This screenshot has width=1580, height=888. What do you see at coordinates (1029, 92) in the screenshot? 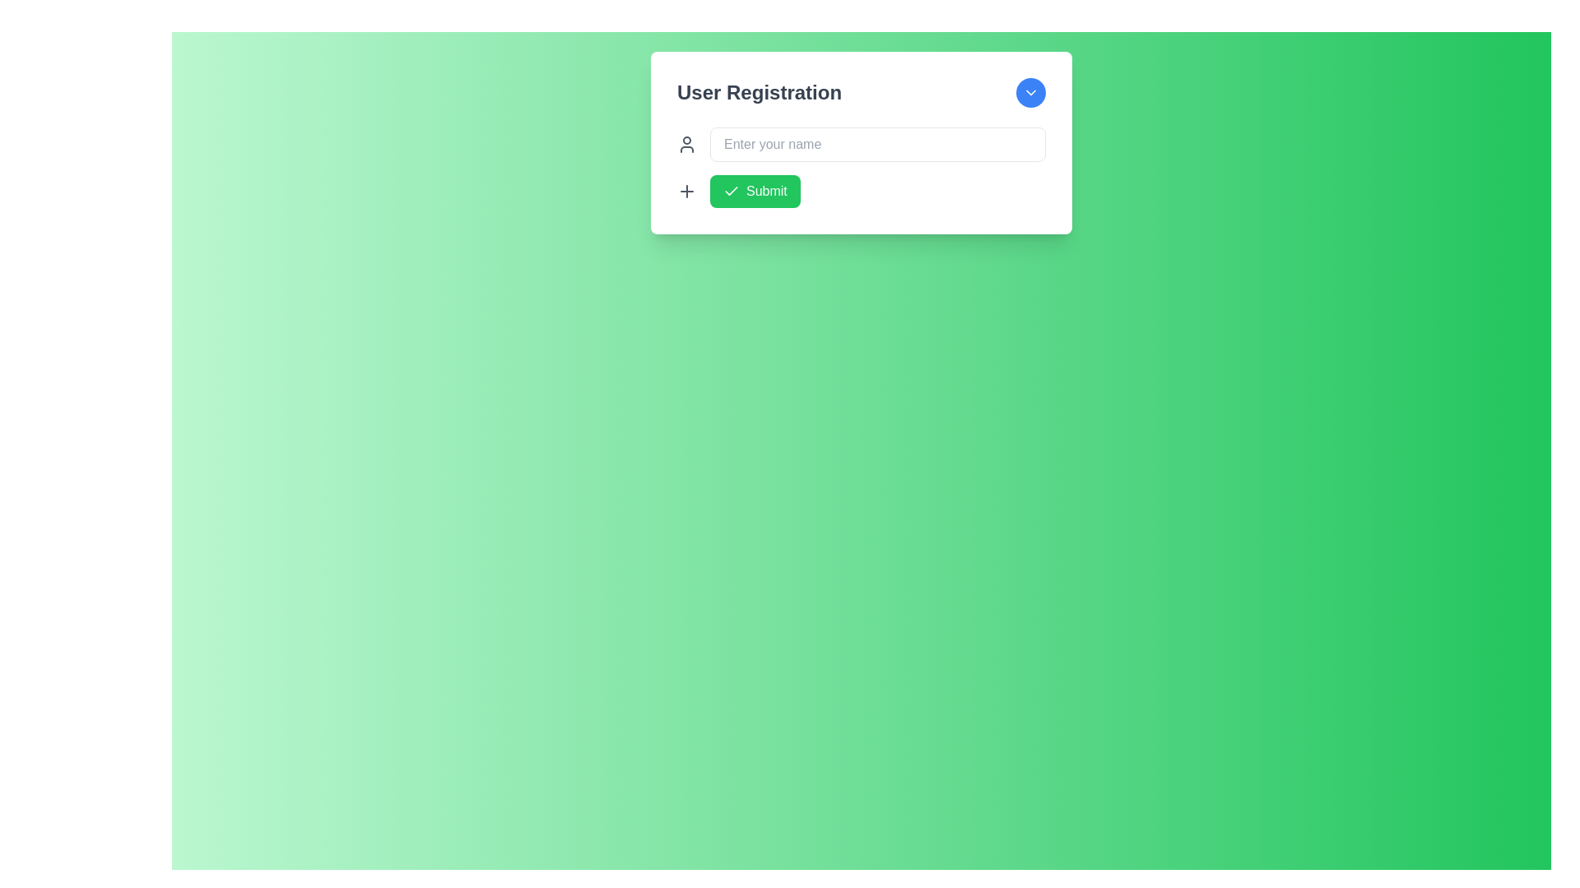
I see `the button with an icon located at the top right corner of the 'User Registration' section` at bounding box center [1029, 92].